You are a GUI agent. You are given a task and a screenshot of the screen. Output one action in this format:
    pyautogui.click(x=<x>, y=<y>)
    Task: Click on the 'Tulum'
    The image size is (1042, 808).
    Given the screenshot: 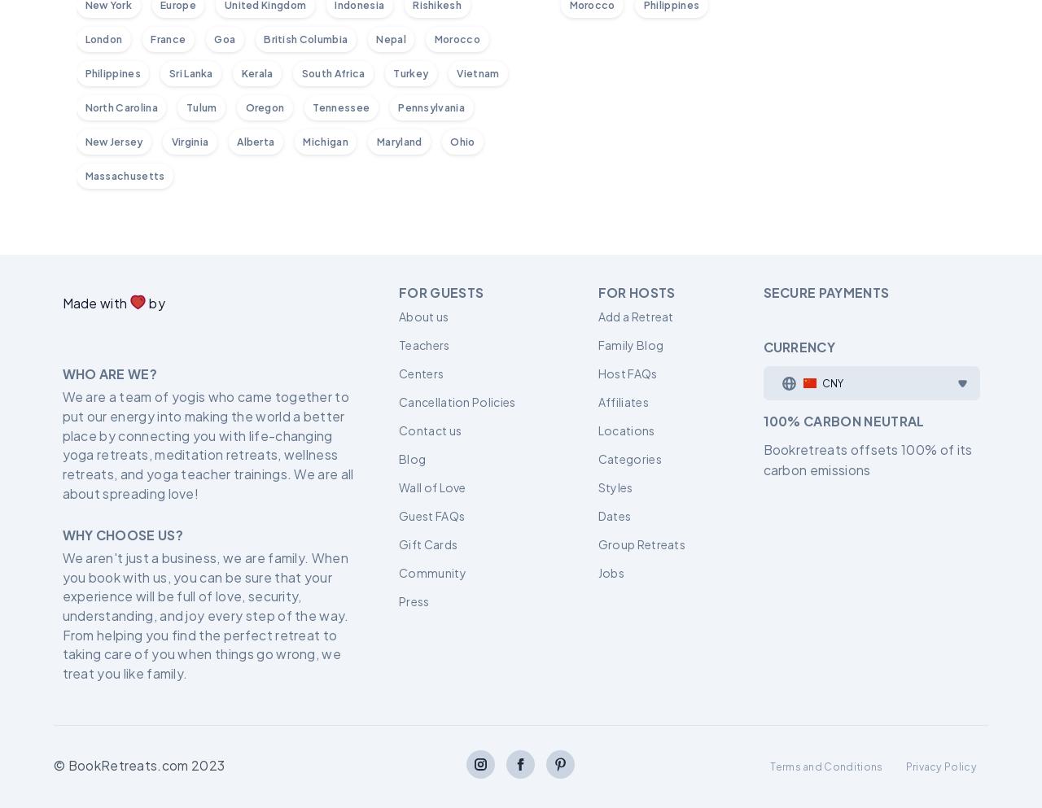 What is the action you would take?
    pyautogui.click(x=200, y=106)
    